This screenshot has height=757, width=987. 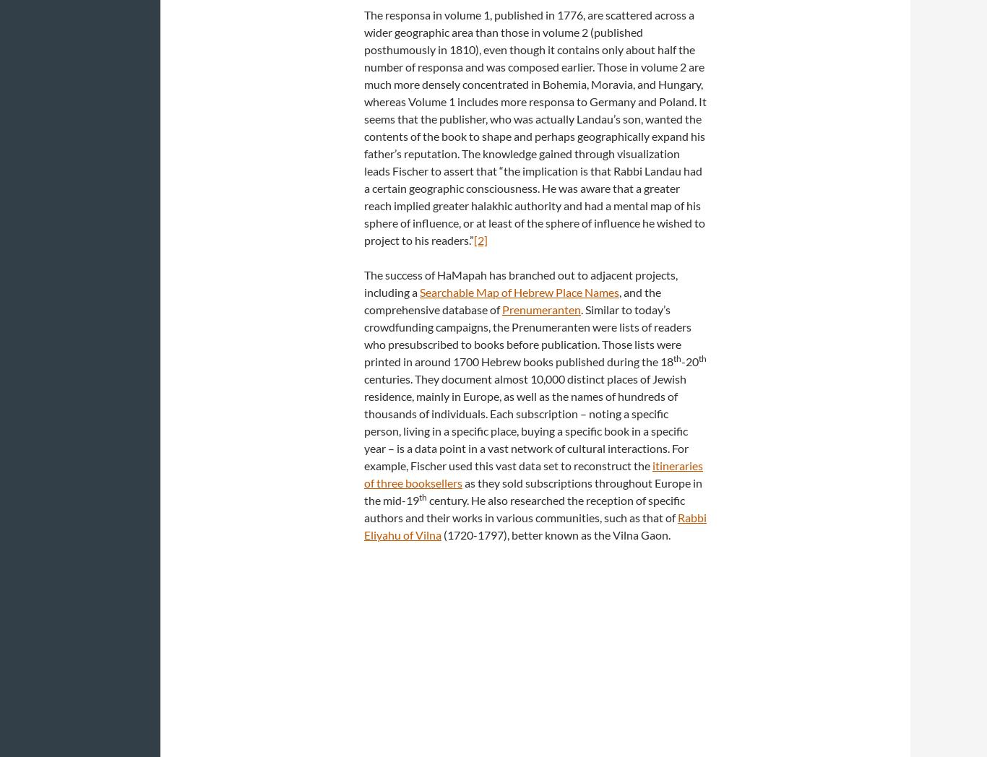 What do you see at coordinates (526, 422) in the screenshot?
I see `'centuries. They document almost 10,000 distinct places of Jewish residence, mainly in Europe, as well as the names of hundreds of thousands of individuals. Each subscription – noting a specific person, living in a specific place, buying a specific book in a specific year – is a data point in a vast network of cultural interactions. For example, Fischer used this vast data set to reconstruct the'` at bounding box center [526, 422].